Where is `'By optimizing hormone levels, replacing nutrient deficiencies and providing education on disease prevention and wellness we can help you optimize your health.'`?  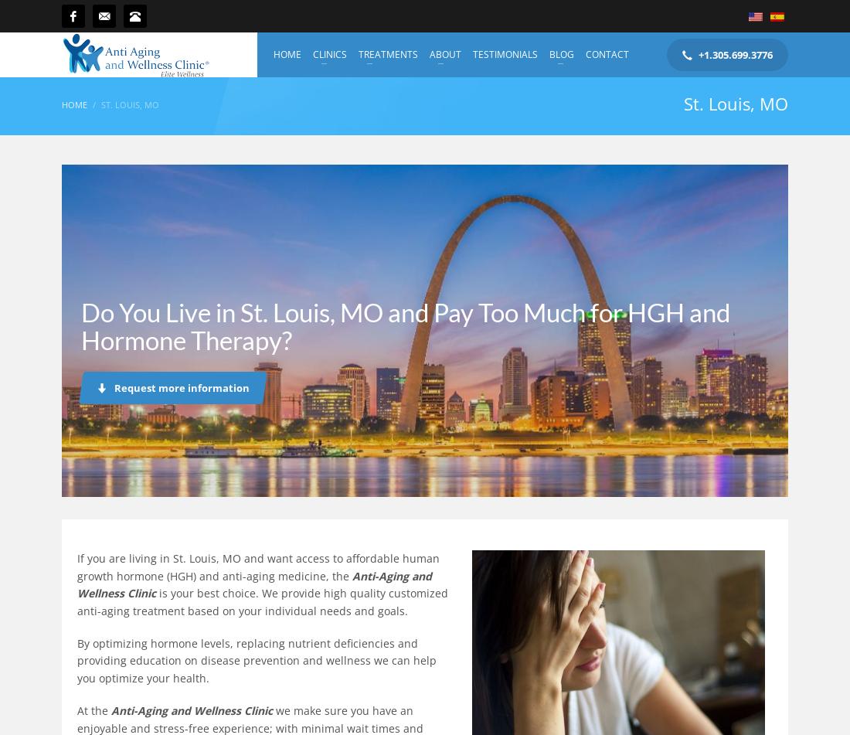
'By optimizing hormone levels, replacing nutrient deficiencies and providing education on disease prevention and wellness we can help you optimize your health.' is located at coordinates (256, 658).